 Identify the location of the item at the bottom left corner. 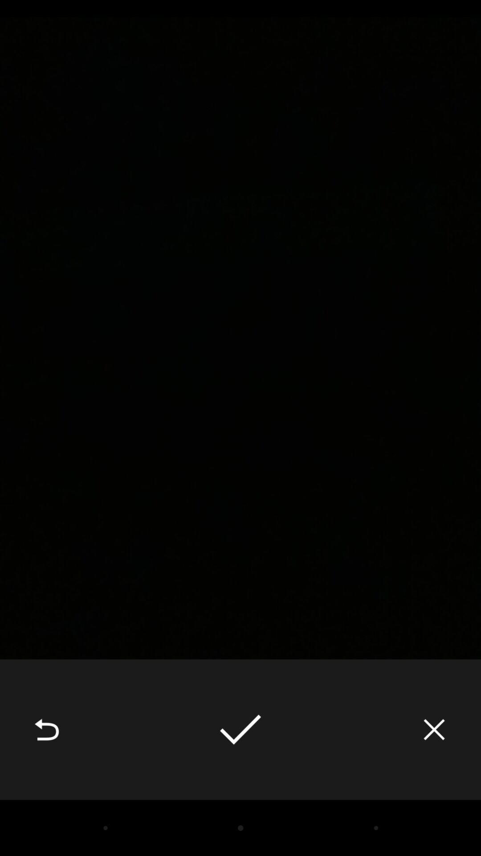
(46, 729).